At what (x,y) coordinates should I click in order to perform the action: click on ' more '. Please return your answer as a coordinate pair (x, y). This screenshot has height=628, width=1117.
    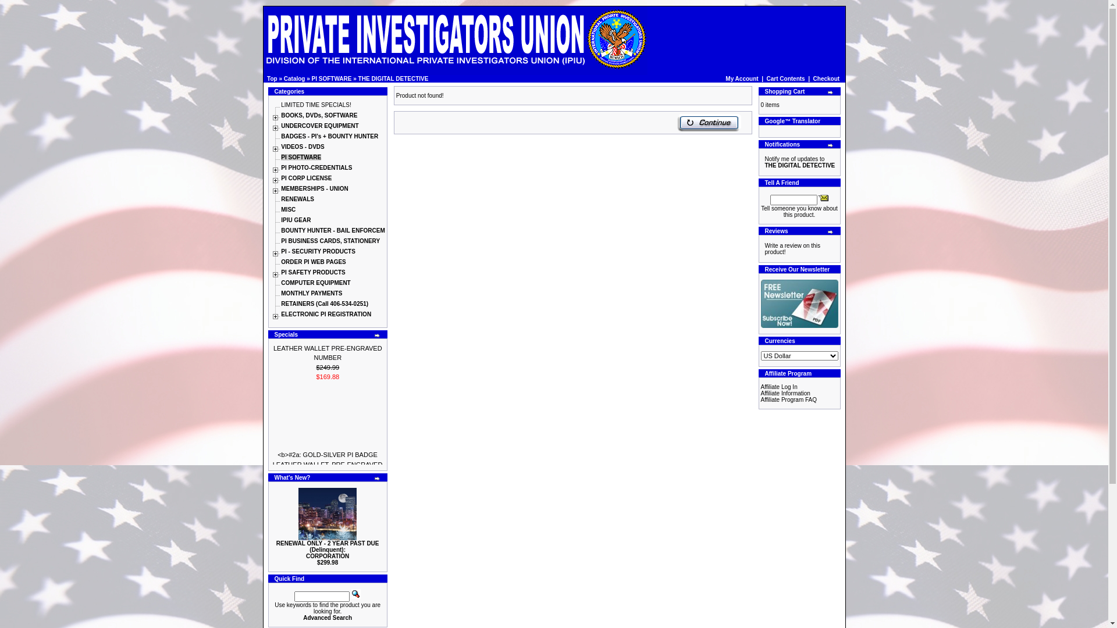
    Looking at the image, I should click on (374, 336).